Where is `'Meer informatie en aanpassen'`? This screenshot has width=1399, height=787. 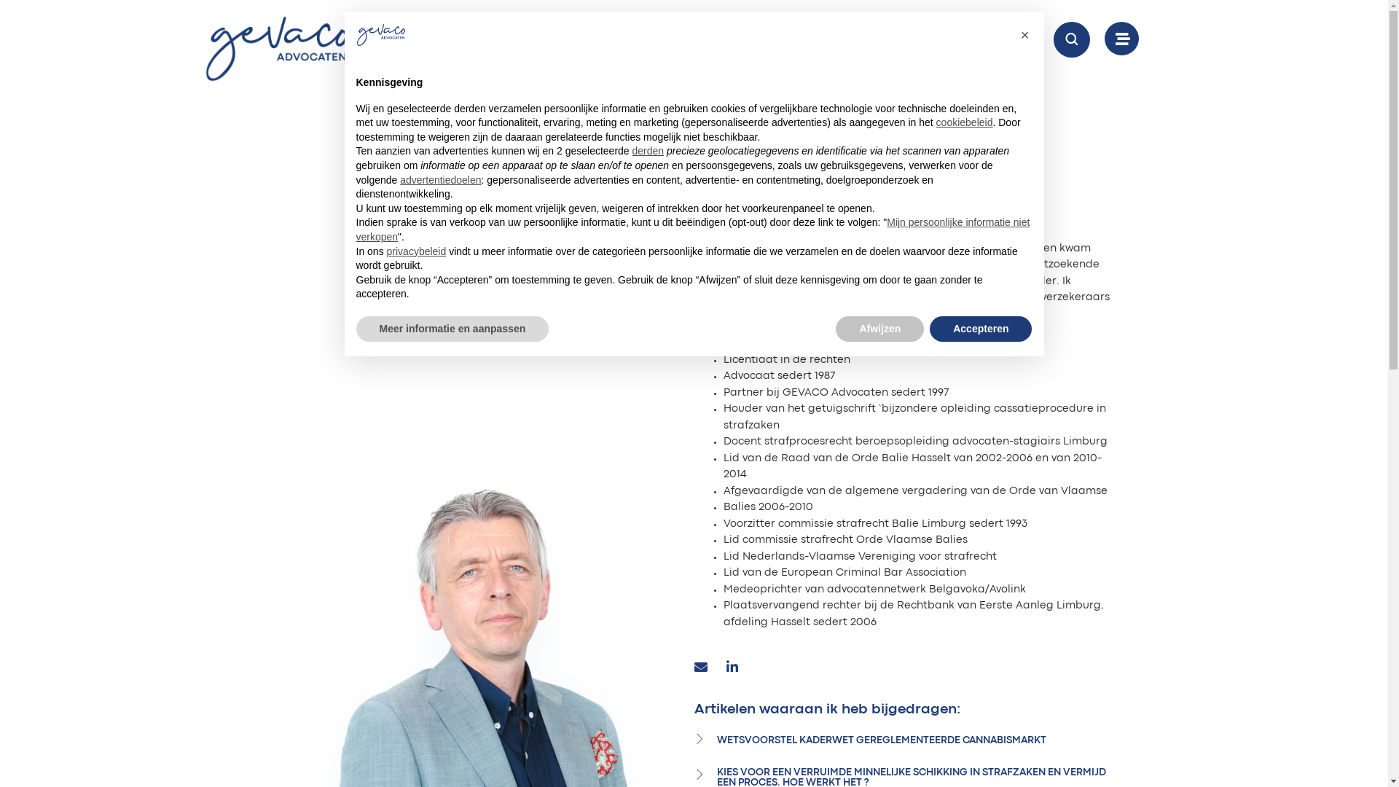
'Meer informatie en aanpassen' is located at coordinates (451, 329).